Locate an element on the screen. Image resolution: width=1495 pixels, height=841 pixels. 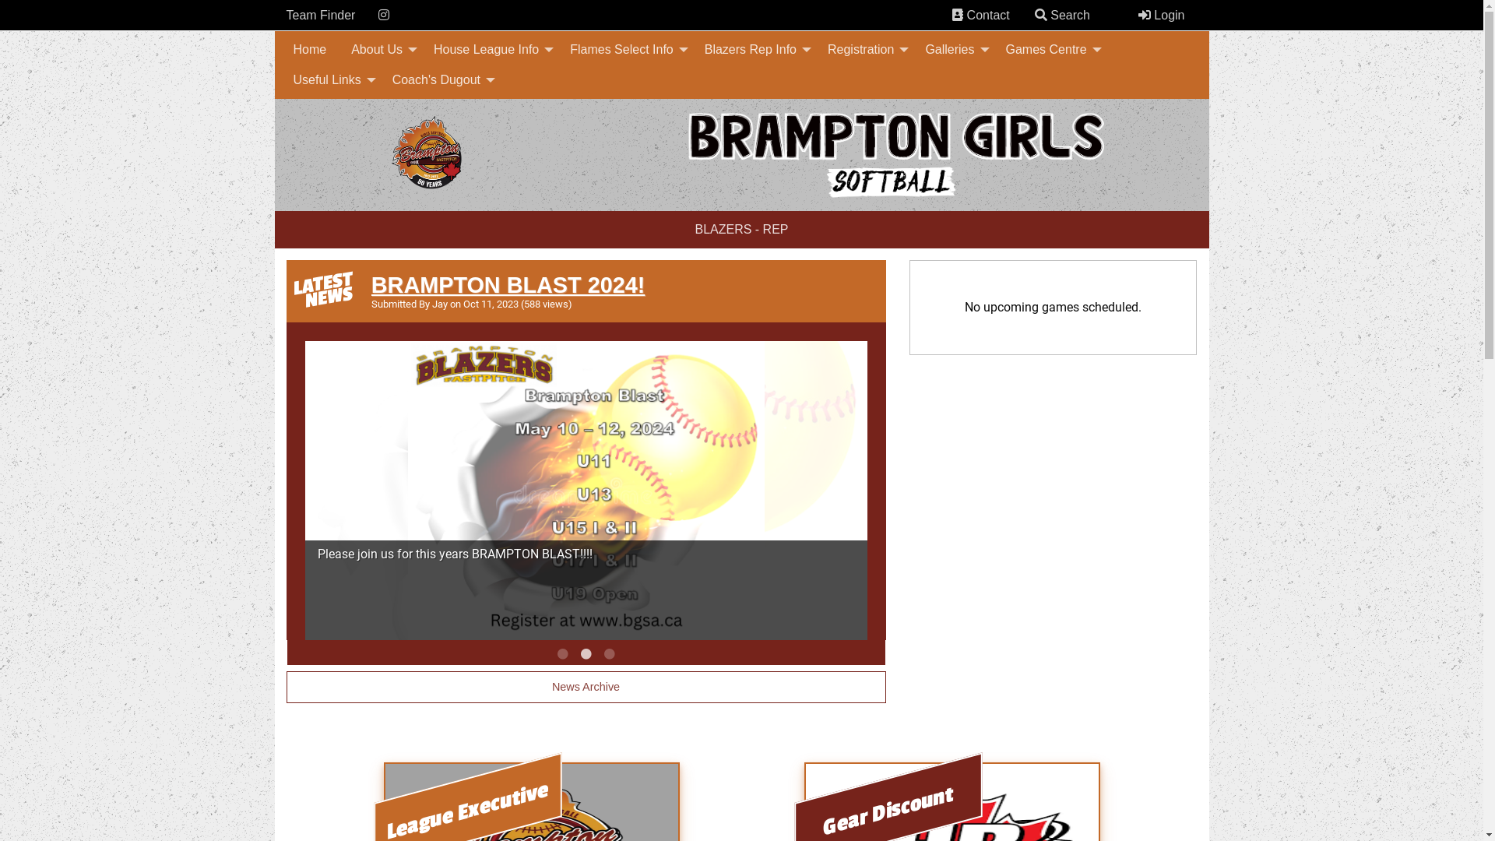
'Search' is located at coordinates (1041, 15).